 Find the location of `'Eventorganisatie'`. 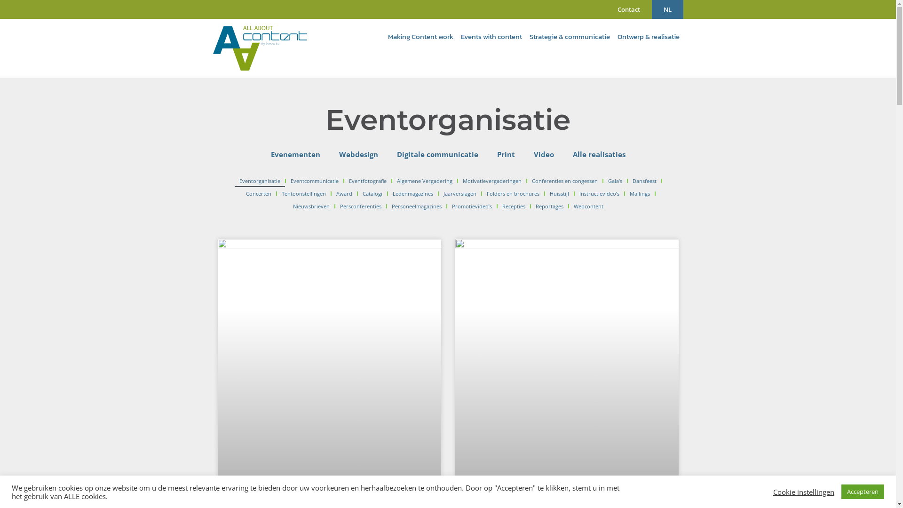

'Eventorganisatie' is located at coordinates (234, 181).